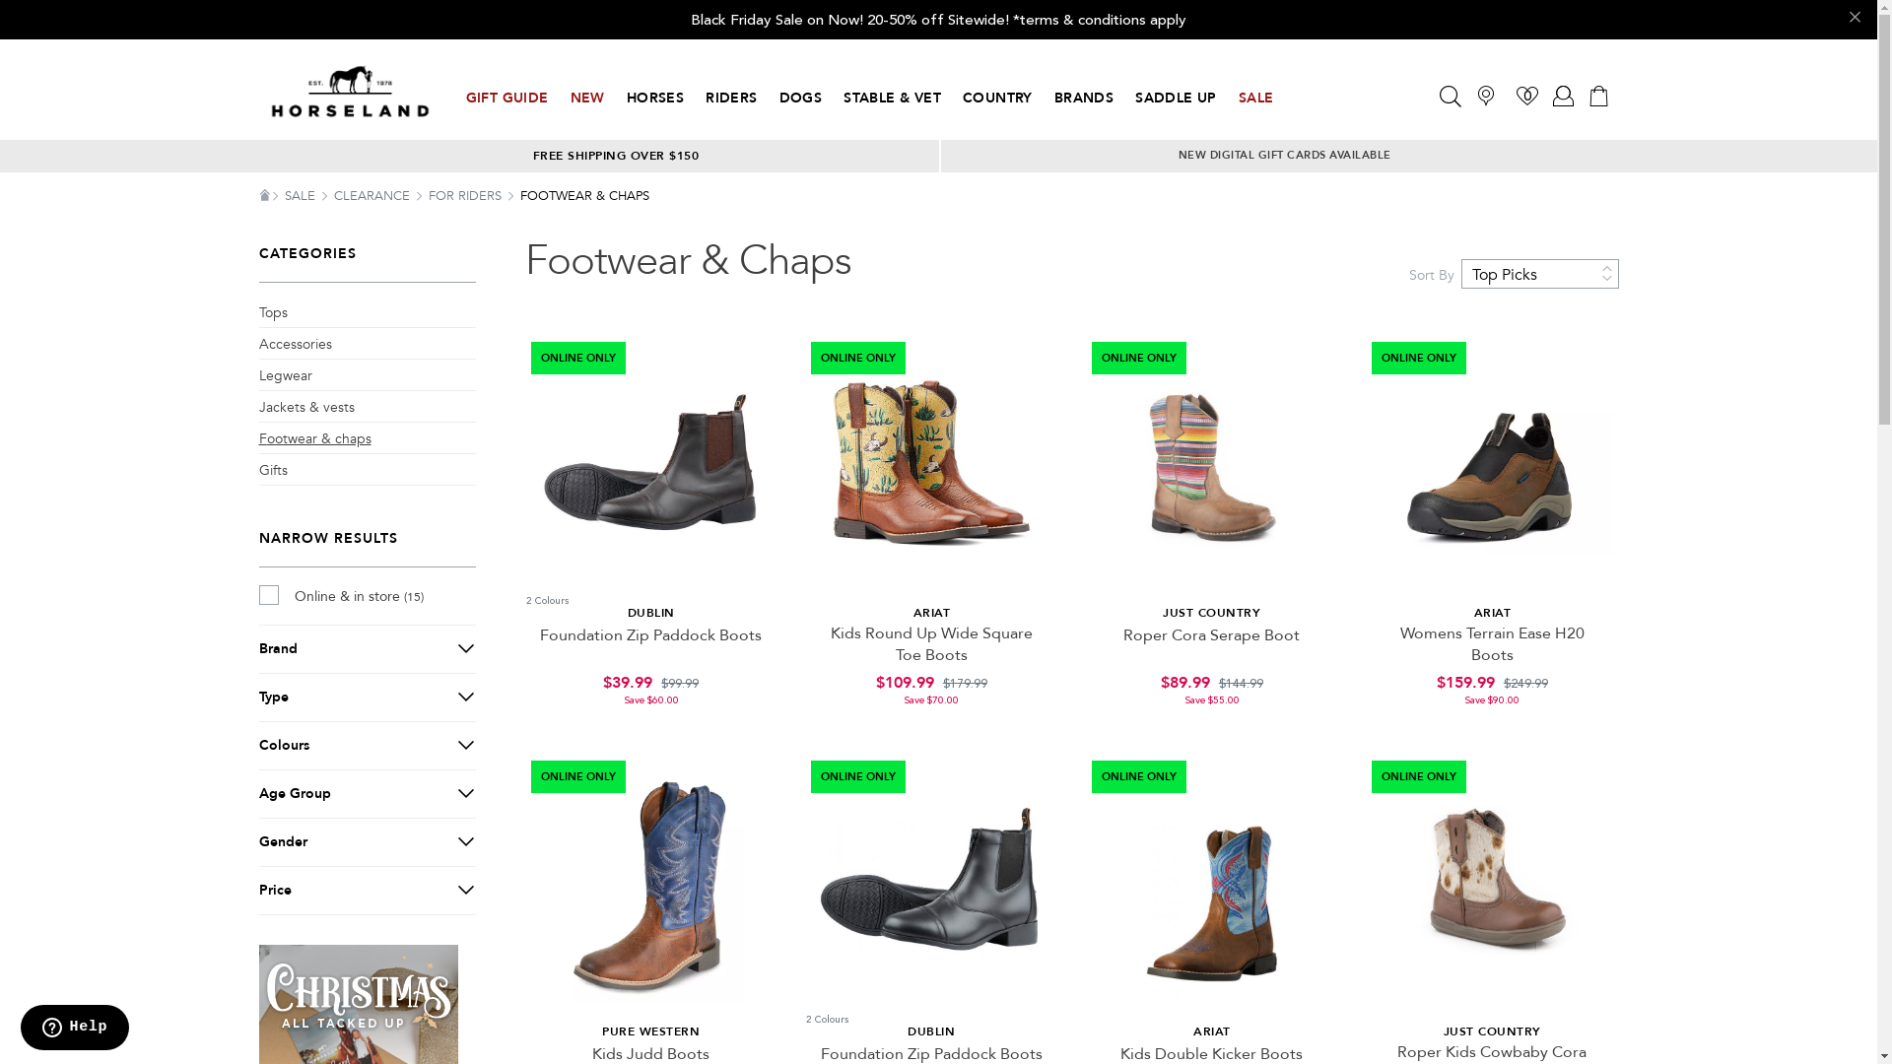  Describe the element at coordinates (257, 595) in the screenshot. I see `'Online & in store 15'` at that location.